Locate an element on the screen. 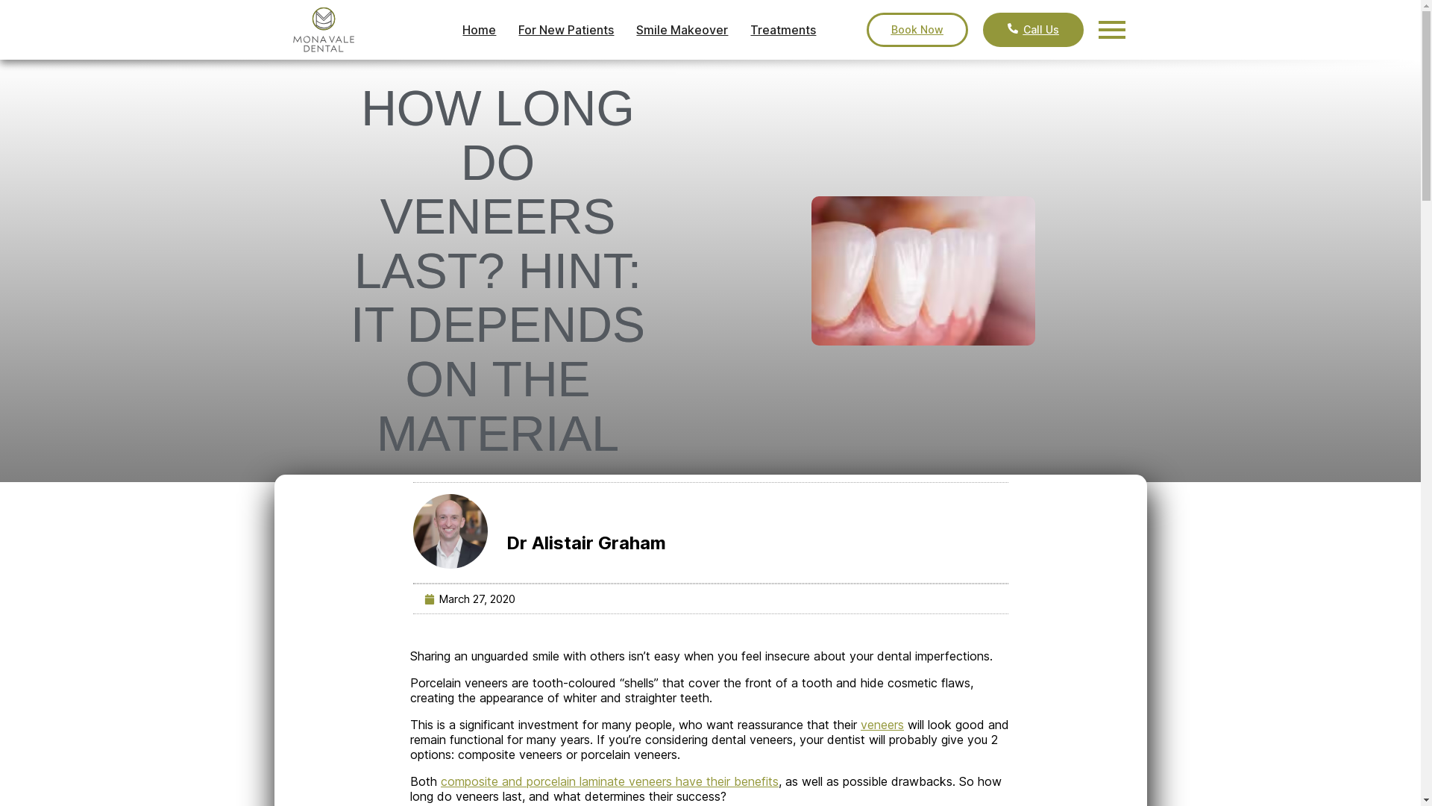 This screenshot has width=1432, height=806. 'Smile Makeover' is located at coordinates (681, 29).